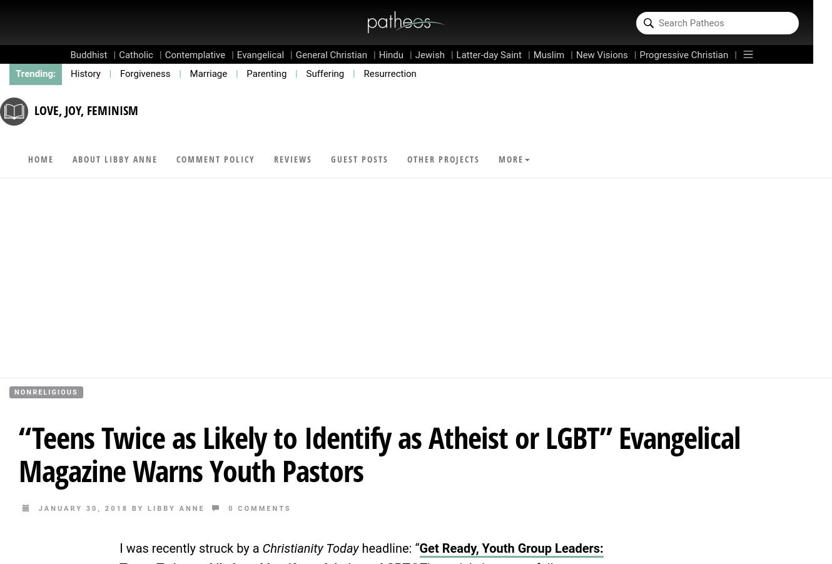 The height and width of the screenshot is (564, 832). I want to click on 'Love, Joy, Feminism', so click(86, 109).